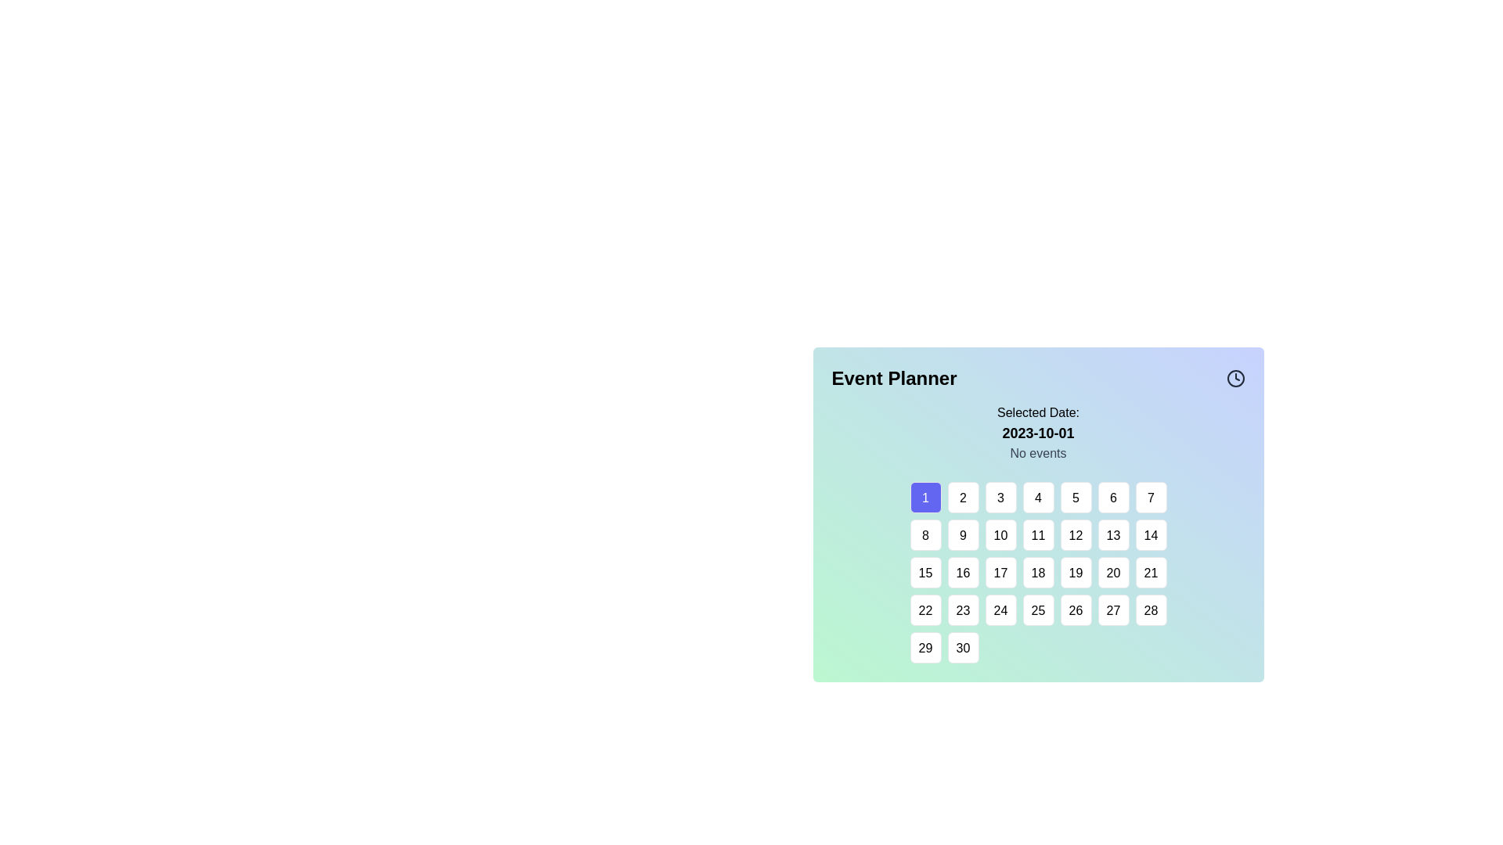 This screenshot has width=1503, height=845. What do you see at coordinates (1038, 533) in the screenshot?
I see `other parts of the Interactive Calendar Interface by clicking on the calendar element located at the center coordinates` at bounding box center [1038, 533].